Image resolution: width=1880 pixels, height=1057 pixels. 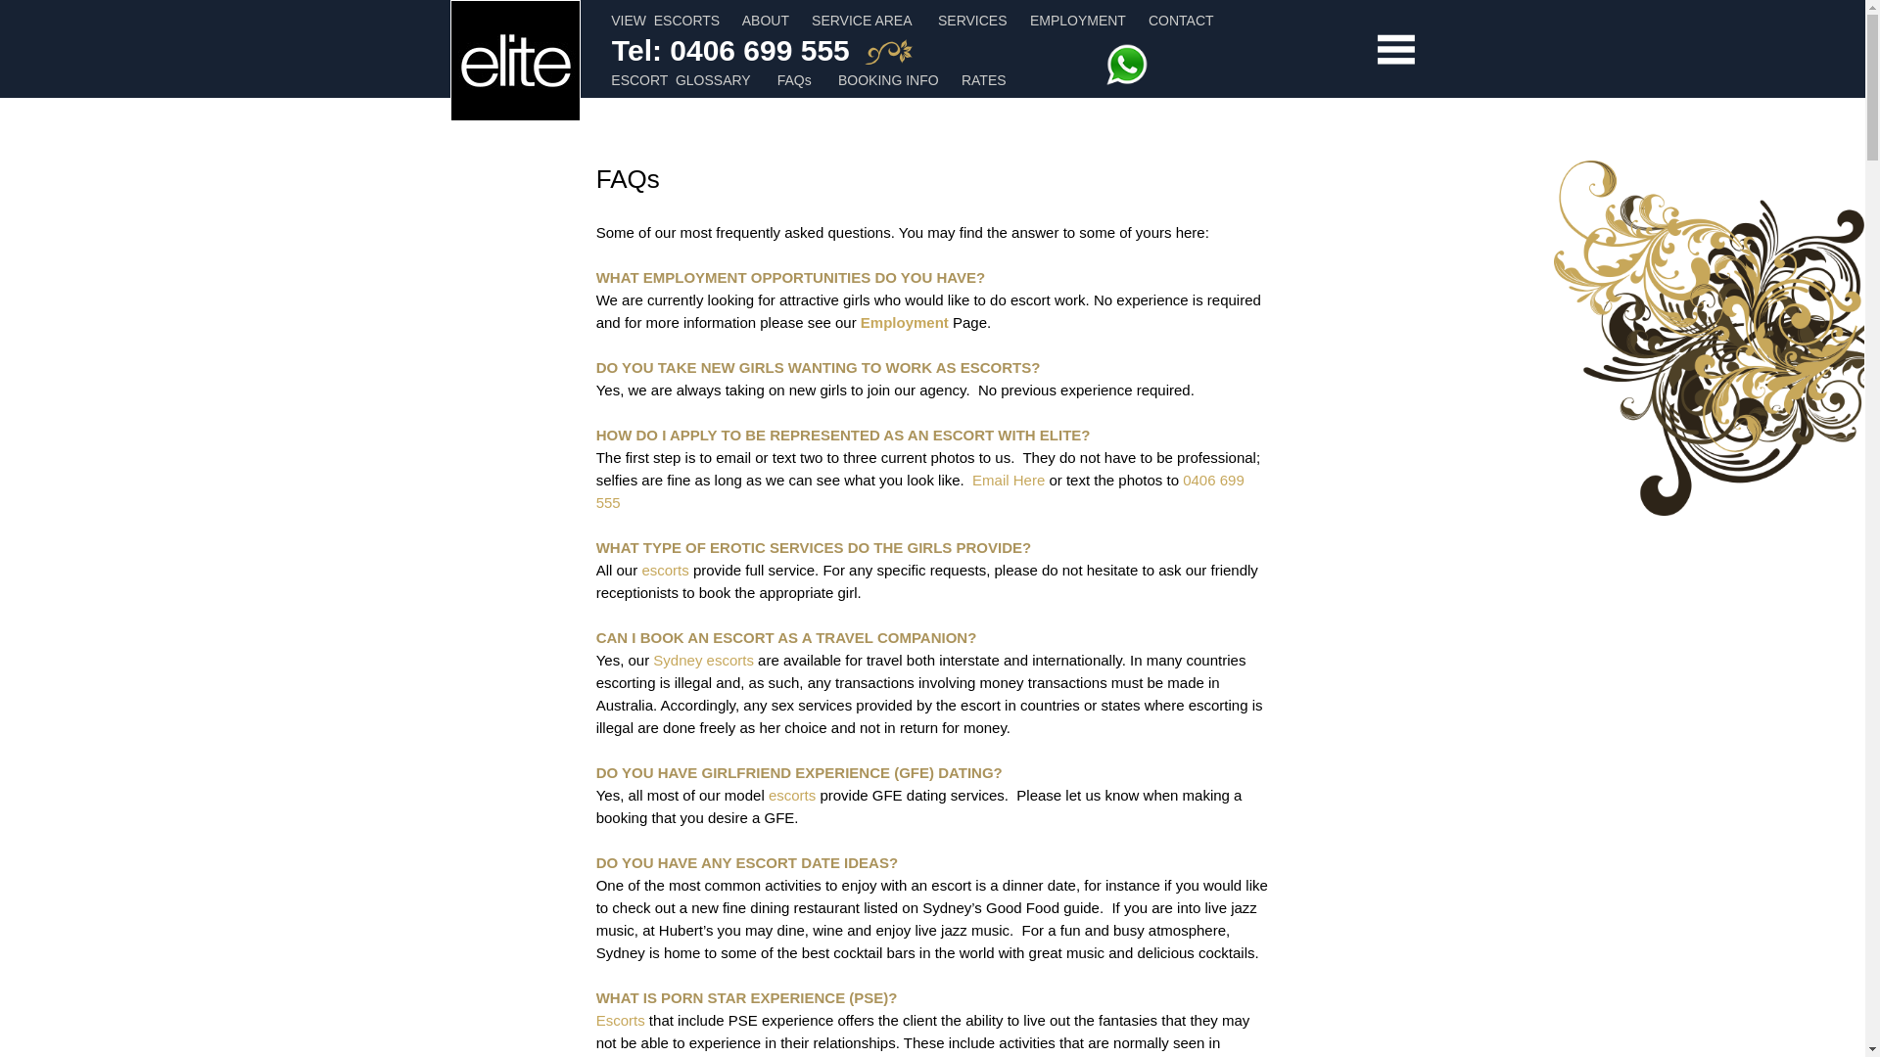 I want to click on 'VIEW  ESCORTS', so click(x=665, y=20).